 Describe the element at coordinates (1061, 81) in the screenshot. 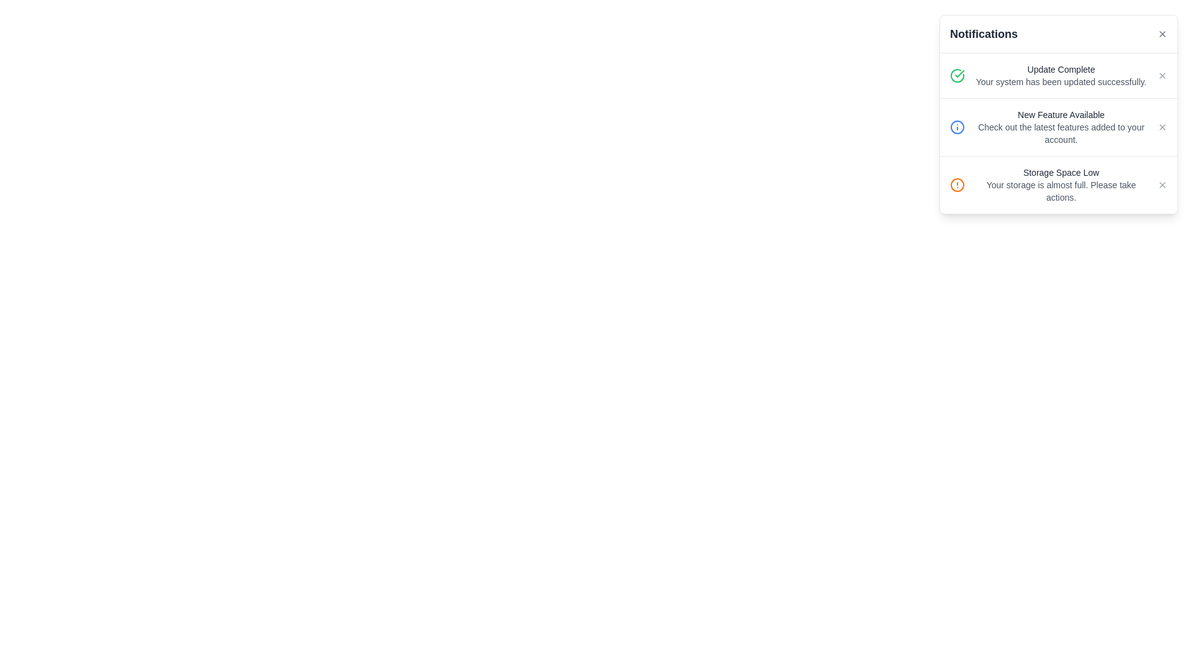

I see `confirmation message about the successful system update located in the Notifications section, below the 'Update Complete' text` at that location.